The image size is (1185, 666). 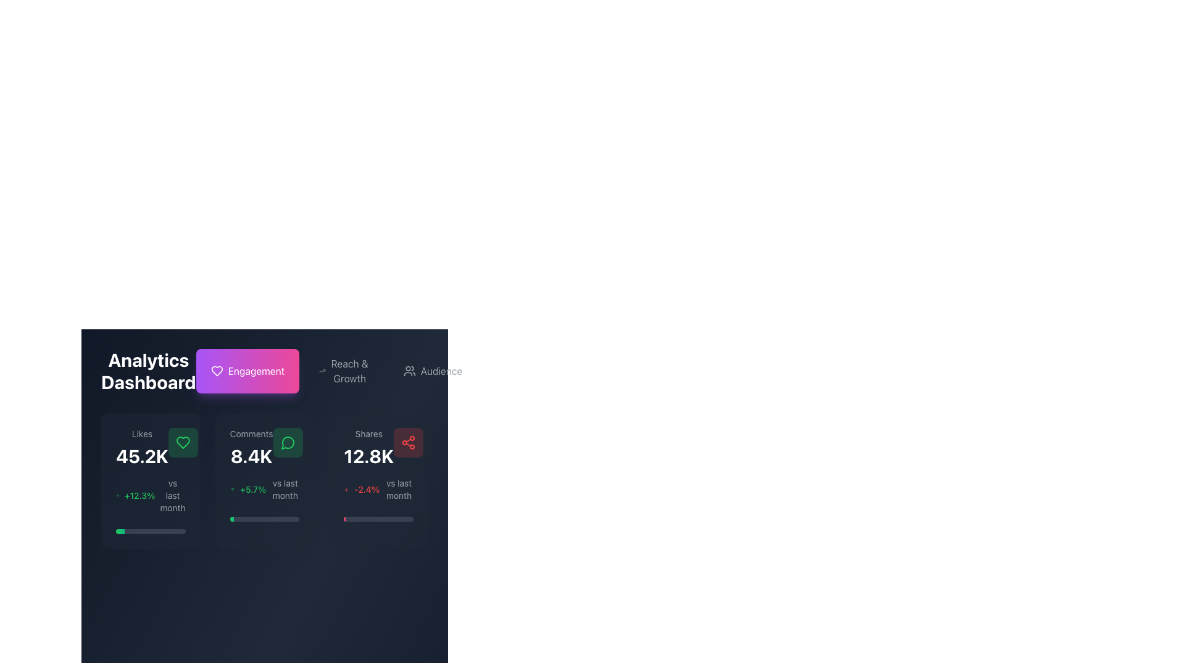 I want to click on the 'Reach & Growth' navigation button, which is the second button from the left in the header, located between 'Engagement' and 'Audience', so click(x=344, y=370).